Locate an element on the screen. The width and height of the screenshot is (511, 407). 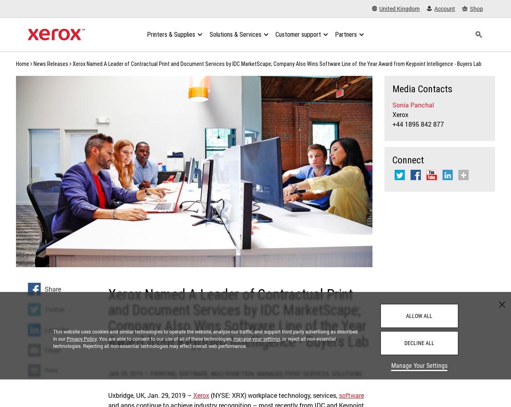
', or reject all non-essential technologies. Rejecting all non-essential technologies may effect overall web performance.' is located at coordinates (52, 341).